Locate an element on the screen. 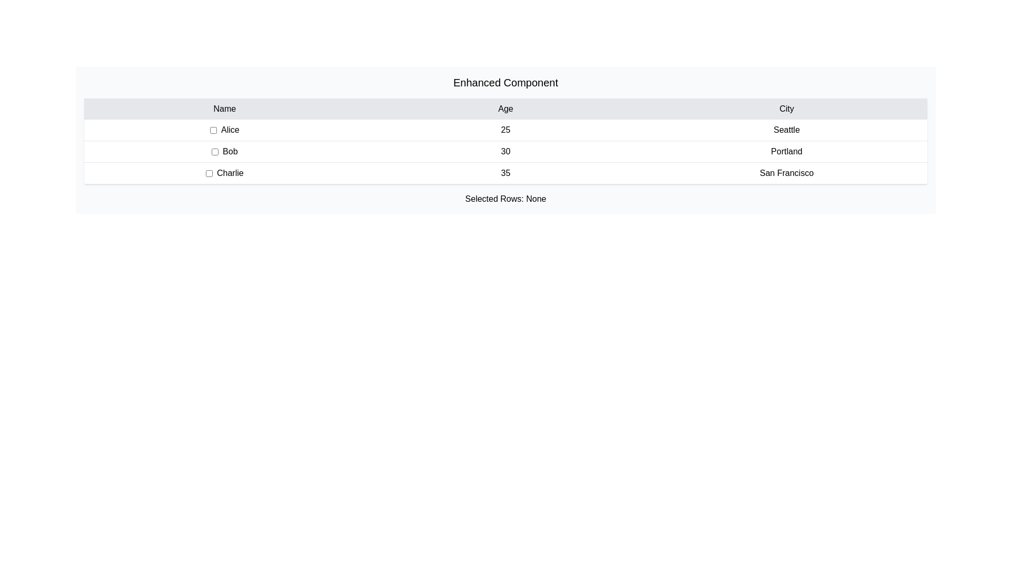 This screenshot has width=1011, height=569. the label displaying 'Selected Rows: None' located at the bottom of the table section, which spans the entire width of the table and is bold and centered is located at coordinates (506, 199).